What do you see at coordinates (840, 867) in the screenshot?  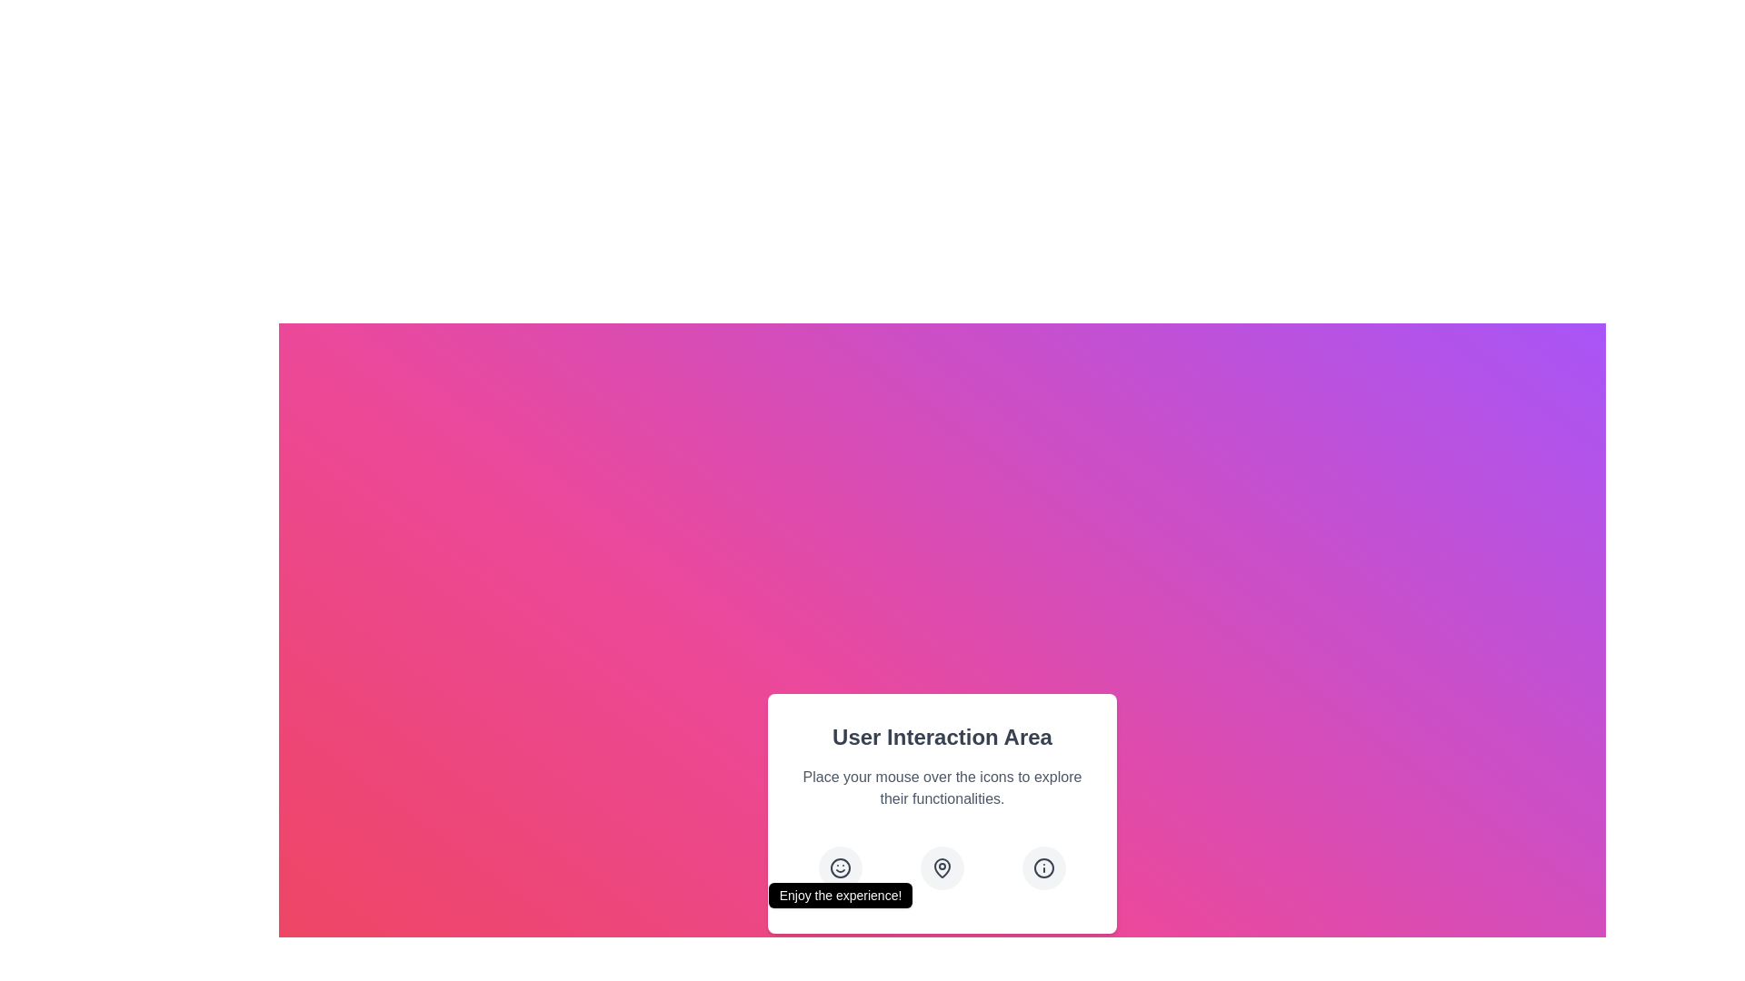 I see `the circular Vector graphic element that is part of the smiley face icon, positioned centrally above the mouth and between the two eye elements` at bounding box center [840, 867].